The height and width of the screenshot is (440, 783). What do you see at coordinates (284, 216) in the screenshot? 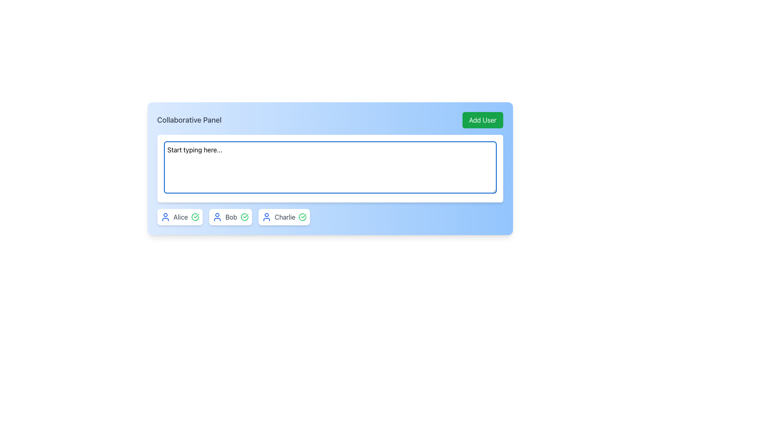
I see `the User Entry element featuring the name 'Charlie', which includes a blue user icon and a green checkmark` at bounding box center [284, 216].